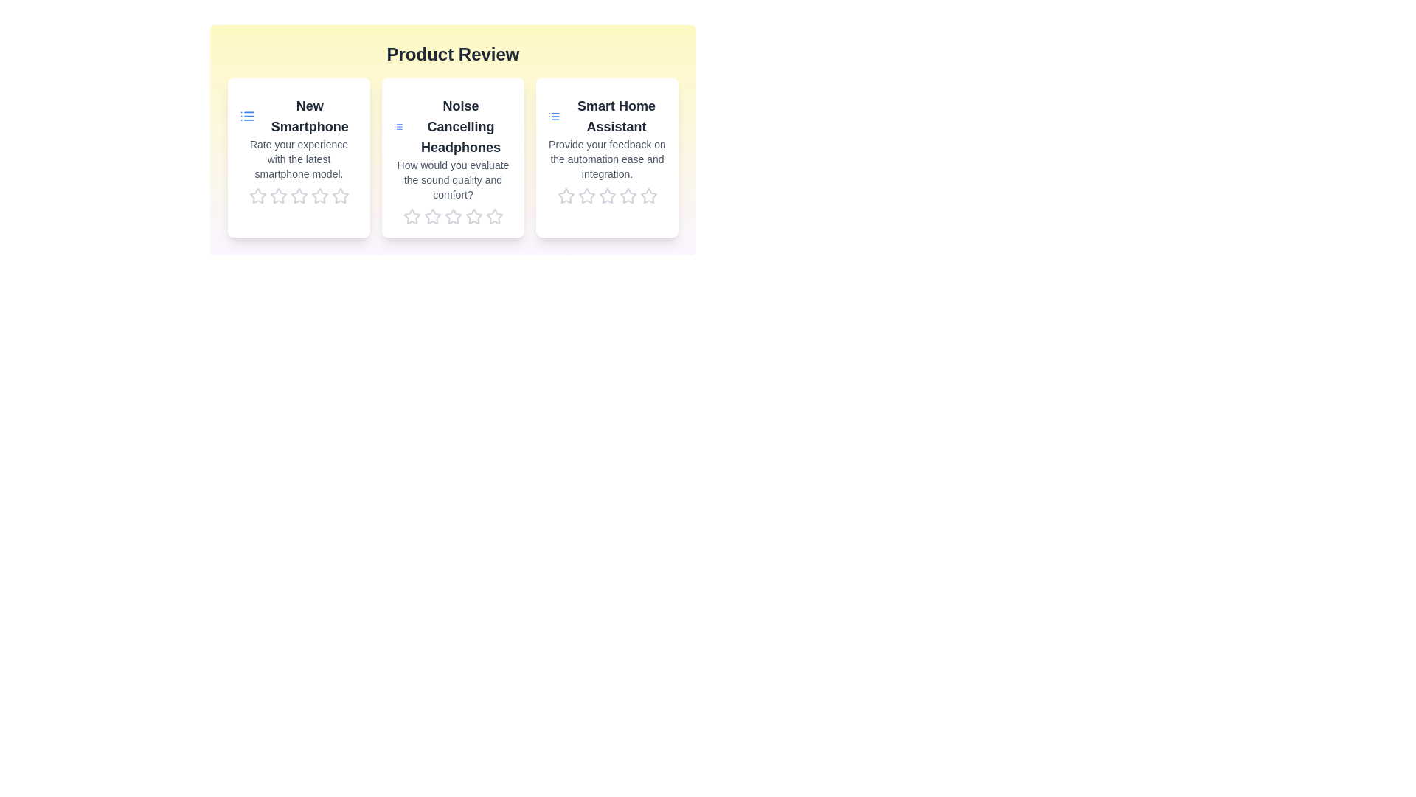 The width and height of the screenshot is (1416, 797). I want to click on the title of the product Smart Home Assistant, so click(607, 116).